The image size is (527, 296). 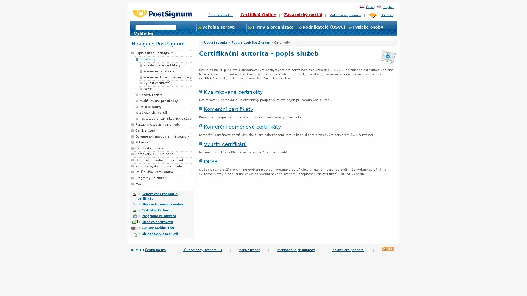 I want to click on Vyhledej, so click(x=144, y=33).